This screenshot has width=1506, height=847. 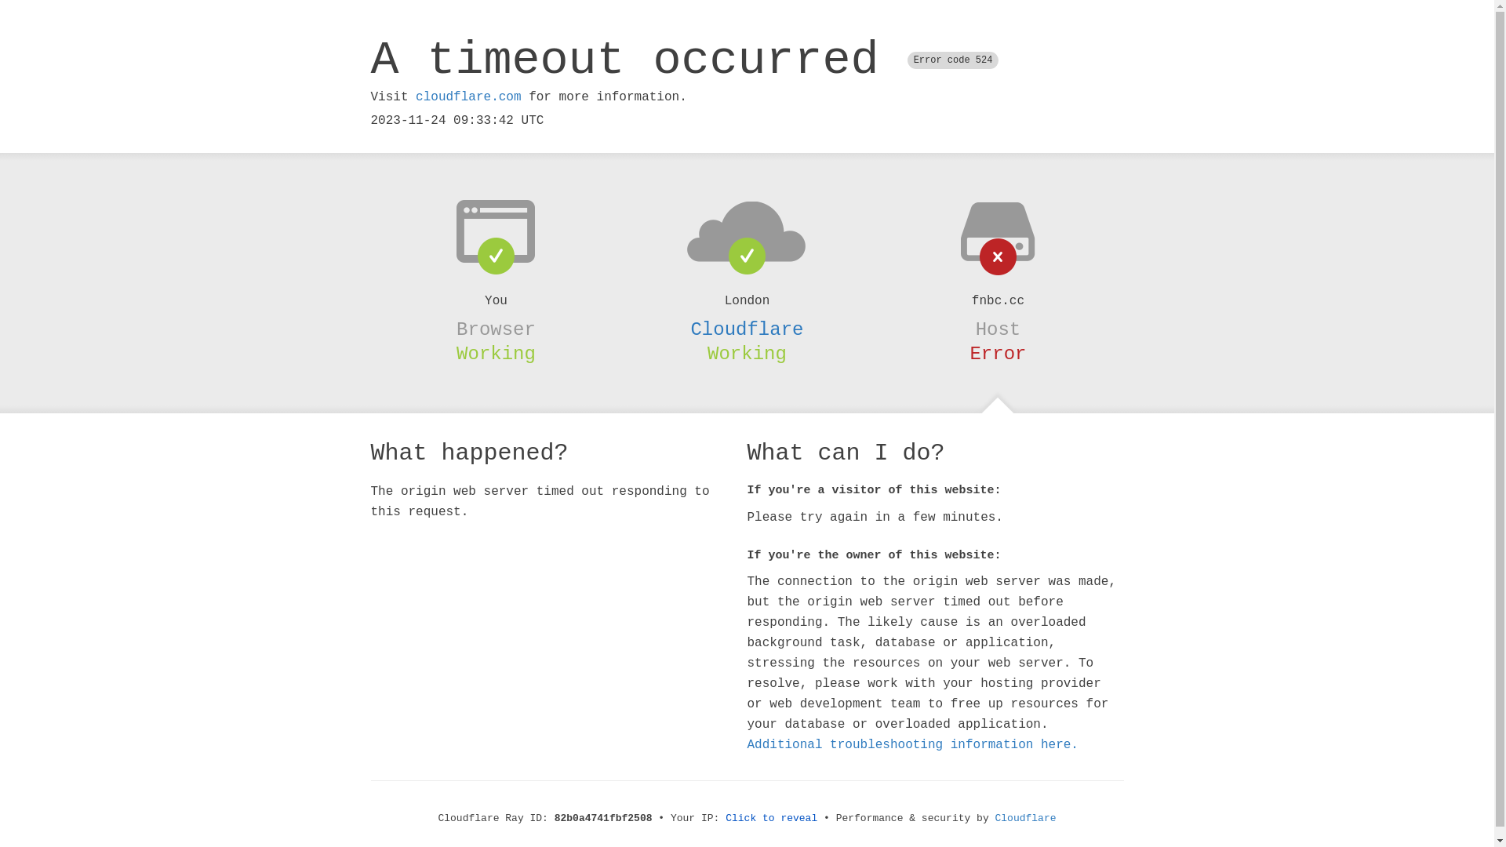 I want to click on 'cloudflare.com', so click(x=467, y=96).